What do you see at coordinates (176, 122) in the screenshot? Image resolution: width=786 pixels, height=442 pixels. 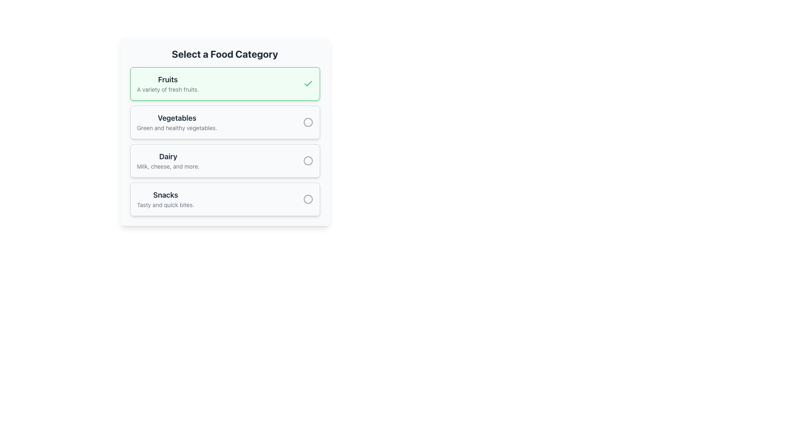 I see `the 'Vegetables' text block within the food category selection interface` at bounding box center [176, 122].